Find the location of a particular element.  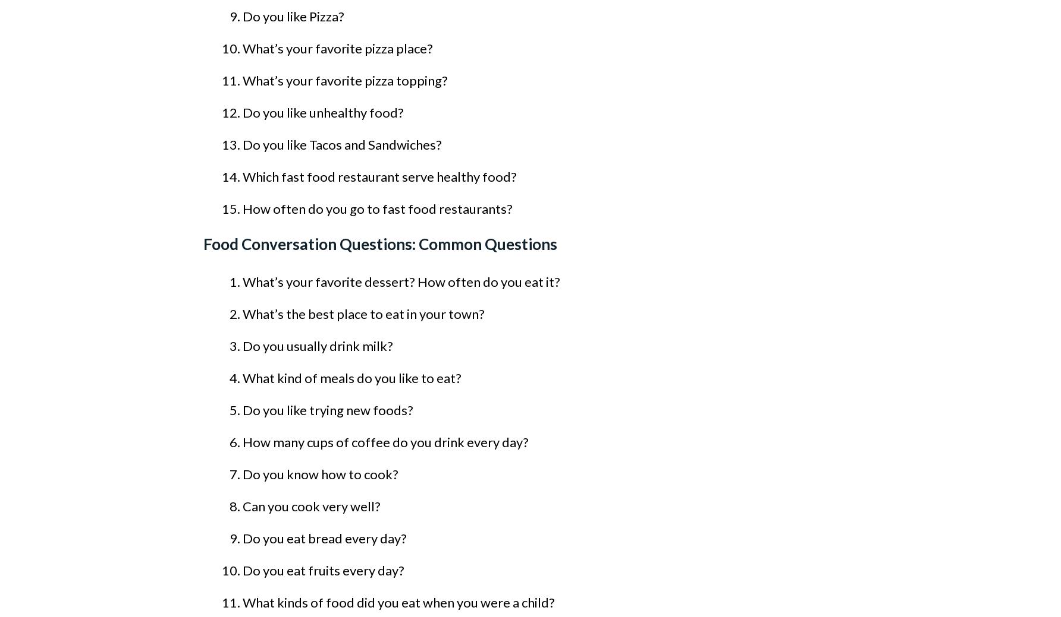

'Can you cook very well?' is located at coordinates (242, 505).